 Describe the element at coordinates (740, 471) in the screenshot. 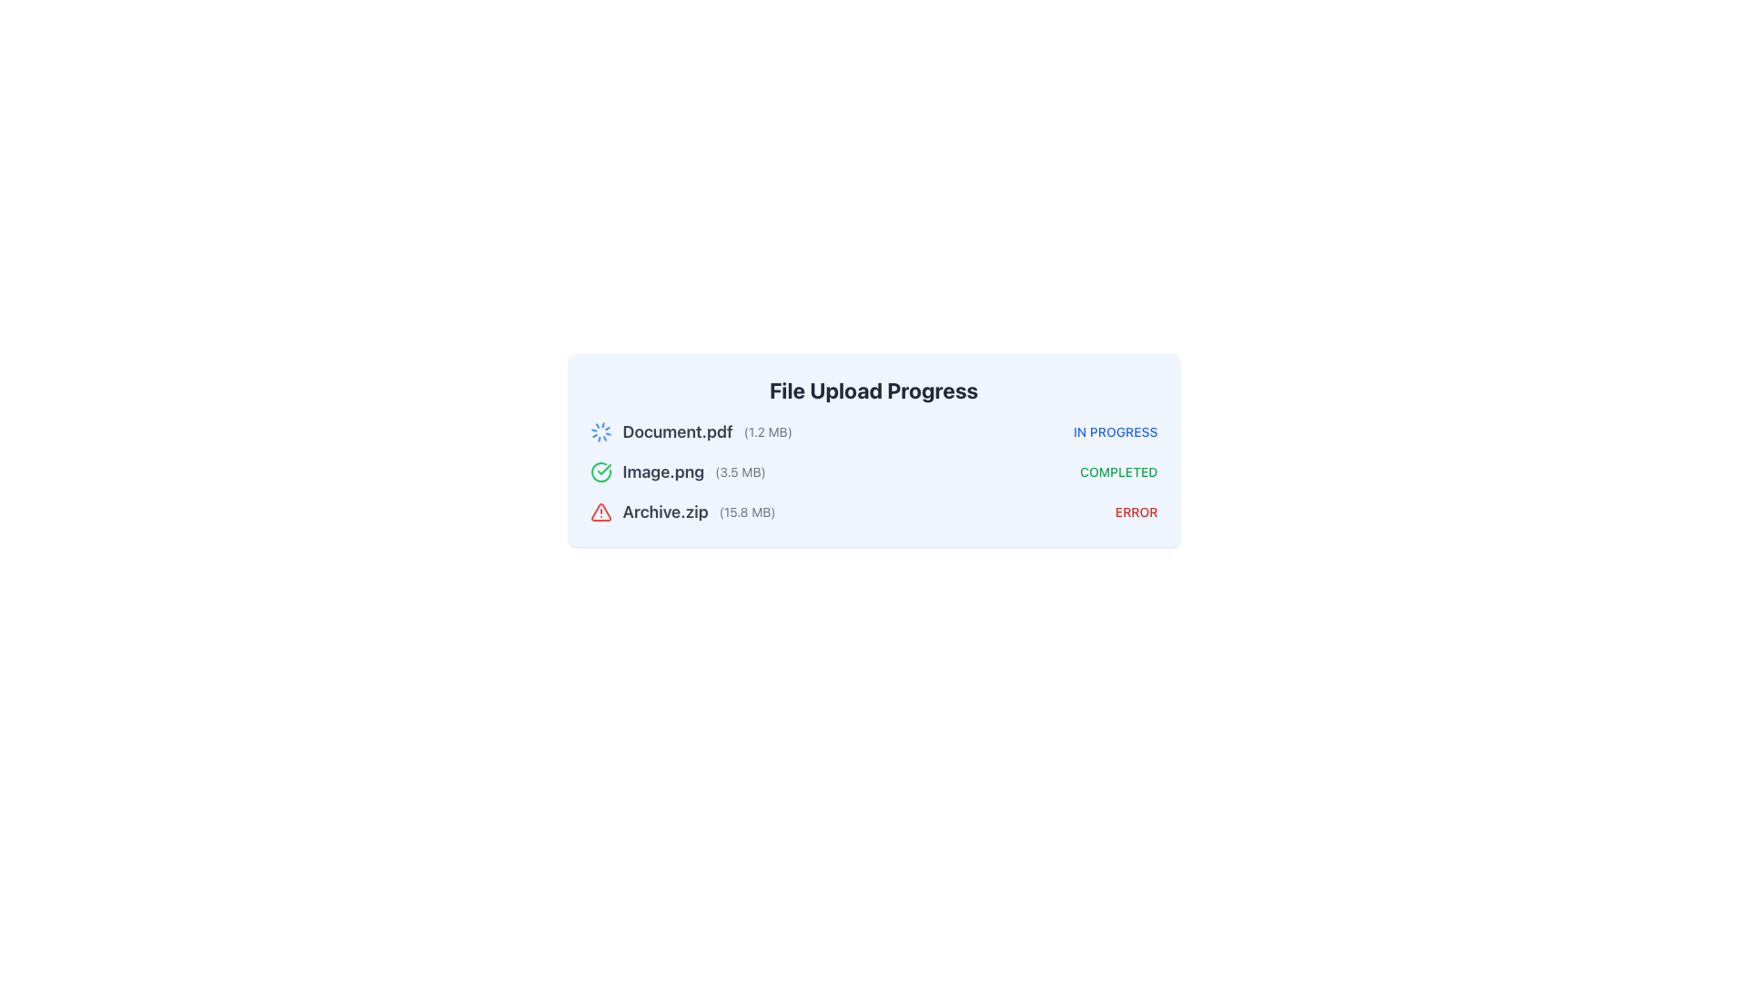

I see `text displaying the file size of 'Image.png', which is positioned to the right of its label in the UI` at that location.